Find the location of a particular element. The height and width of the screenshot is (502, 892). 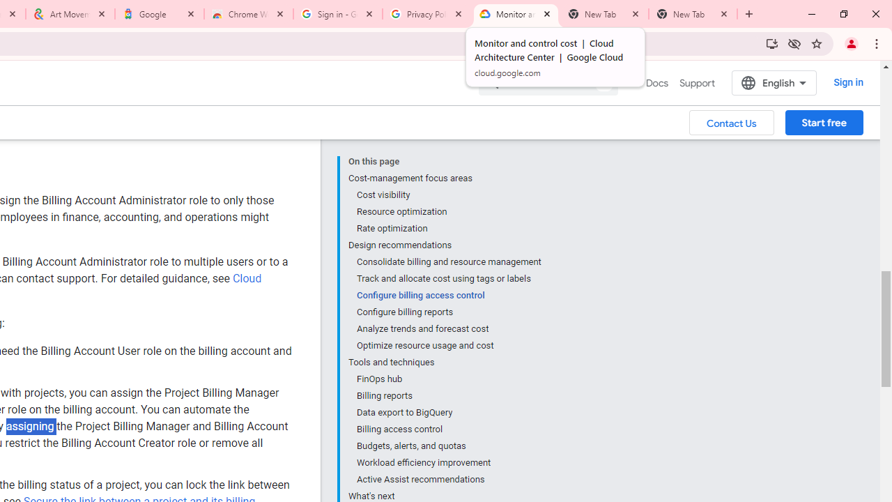

'Optimize resource usage and cost' is located at coordinates (448, 345).